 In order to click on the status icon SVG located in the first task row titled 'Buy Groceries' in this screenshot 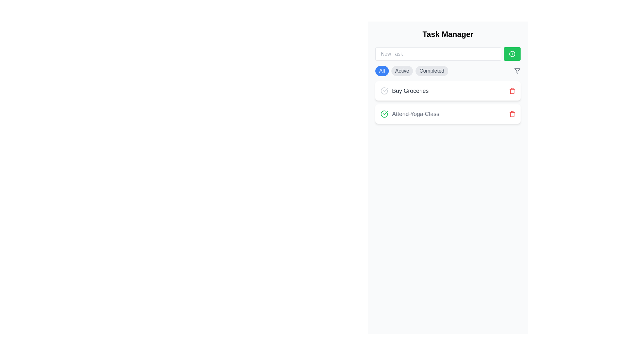, I will do `click(384, 91)`.